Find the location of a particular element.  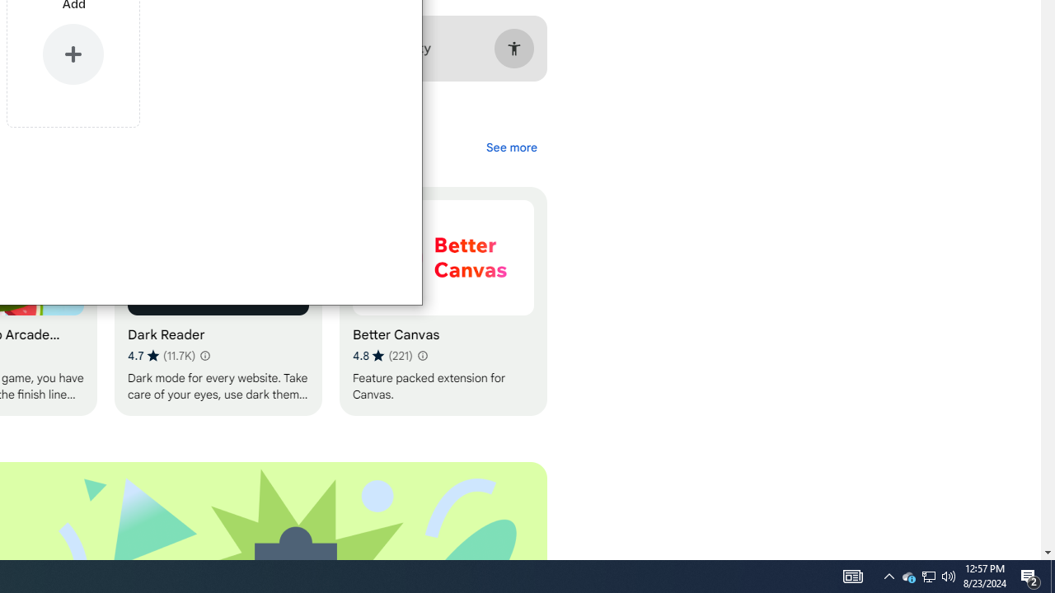

'Q2790: 100%' is located at coordinates (949, 575).